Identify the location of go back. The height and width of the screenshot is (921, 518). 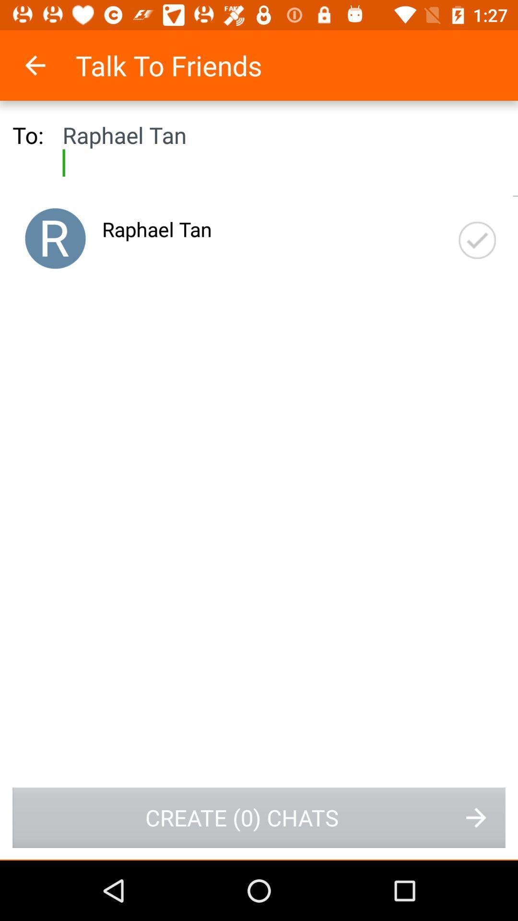
(47, 65).